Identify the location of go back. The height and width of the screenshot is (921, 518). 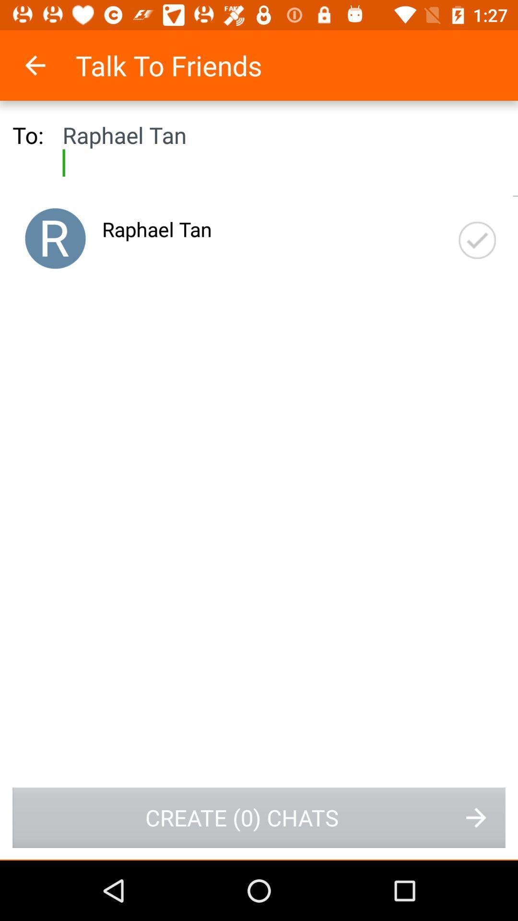
(47, 65).